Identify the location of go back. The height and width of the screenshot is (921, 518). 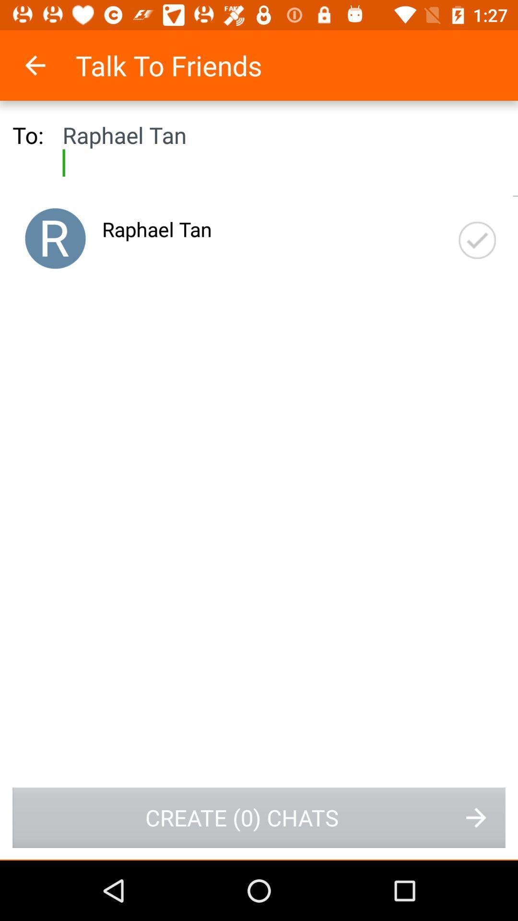
(47, 65).